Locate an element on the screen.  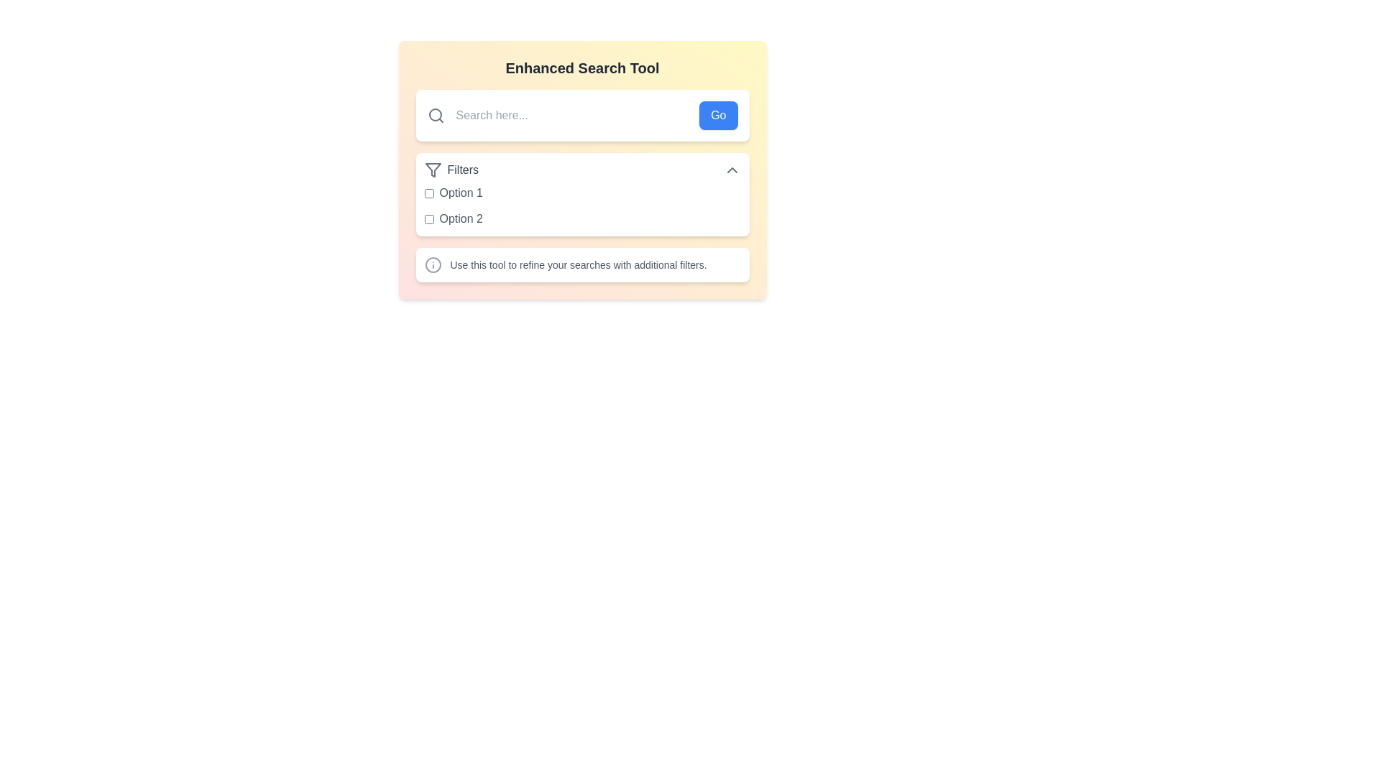
the submit button located at the rightmost end of the group of elements, which includes a text input field and an icon is located at coordinates (718, 115).